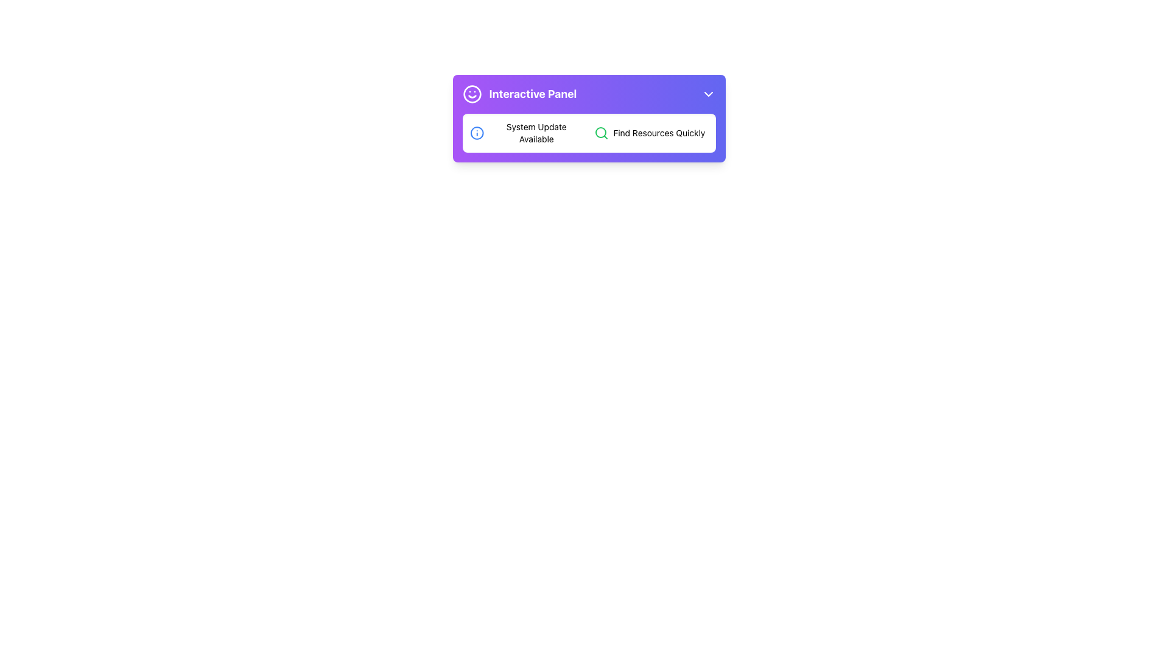 The height and width of the screenshot is (657, 1169). I want to click on text label informing the user about a system update being available, located in the center of the purple box labeled 'Interactive Panel', so click(536, 133).